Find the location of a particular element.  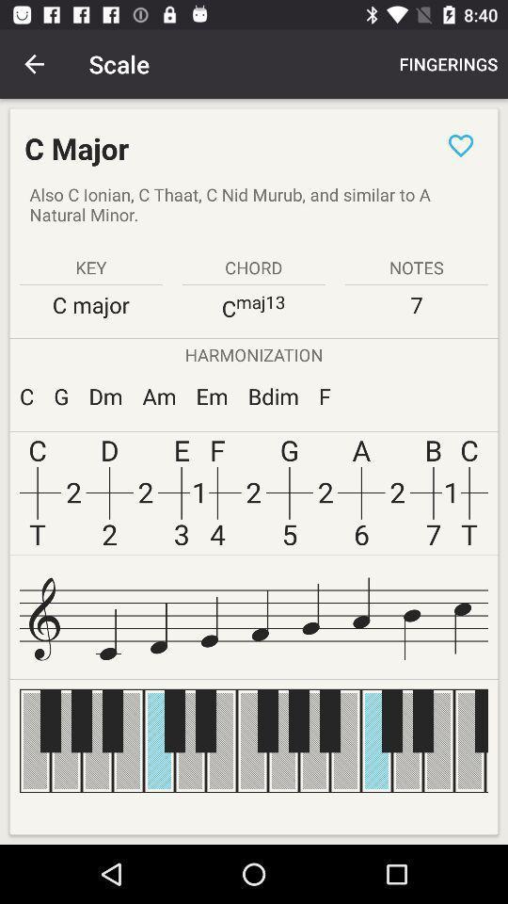

to favorites is located at coordinates (460, 144).